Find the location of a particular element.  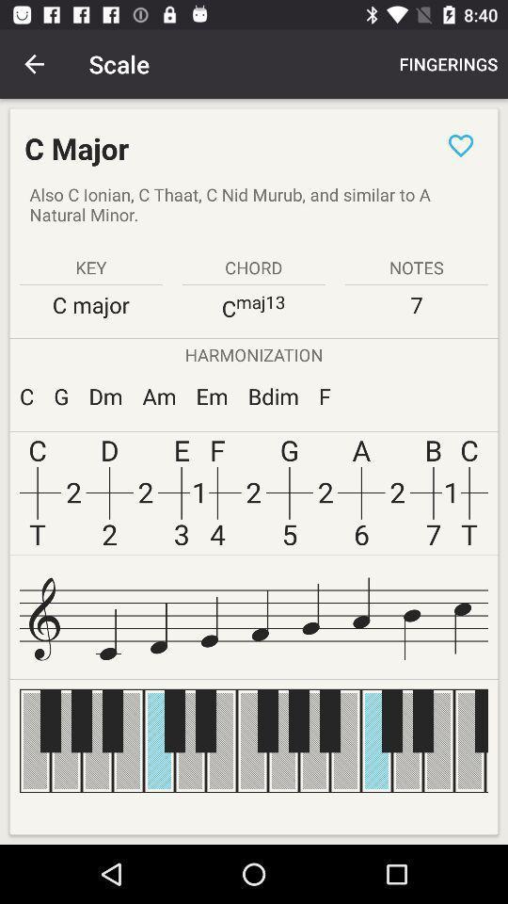

to favorites is located at coordinates (460, 144).